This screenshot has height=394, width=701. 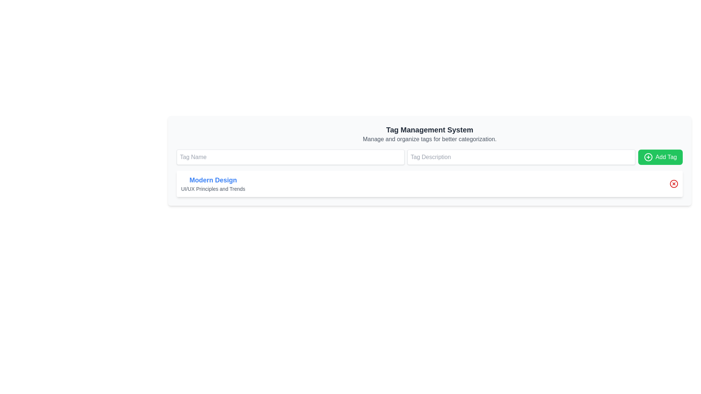 What do you see at coordinates (674, 184) in the screenshot?
I see `the delete icon located in the bottom-right corner of the tag item` at bounding box center [674, 184].